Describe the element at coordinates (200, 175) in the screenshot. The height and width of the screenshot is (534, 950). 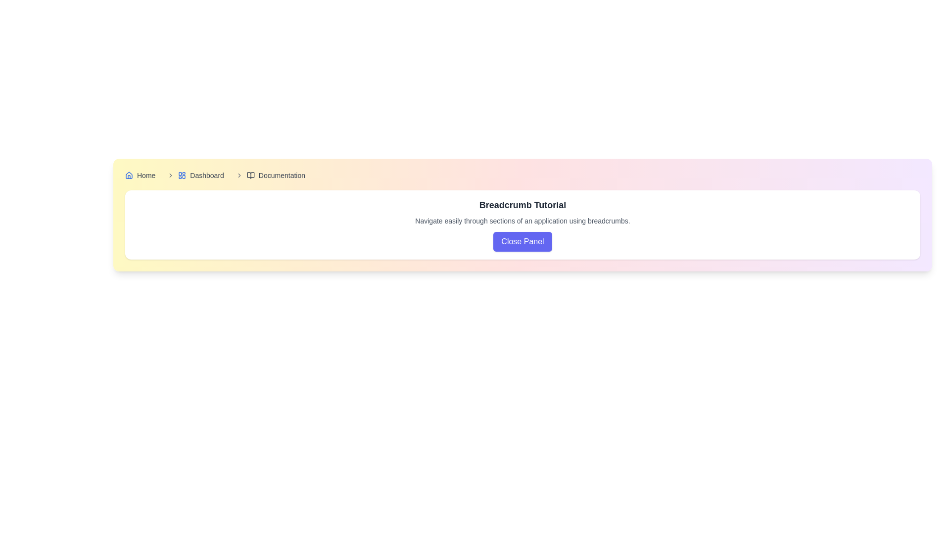
I see `the 'Dashboard' hyperlink` at that location.